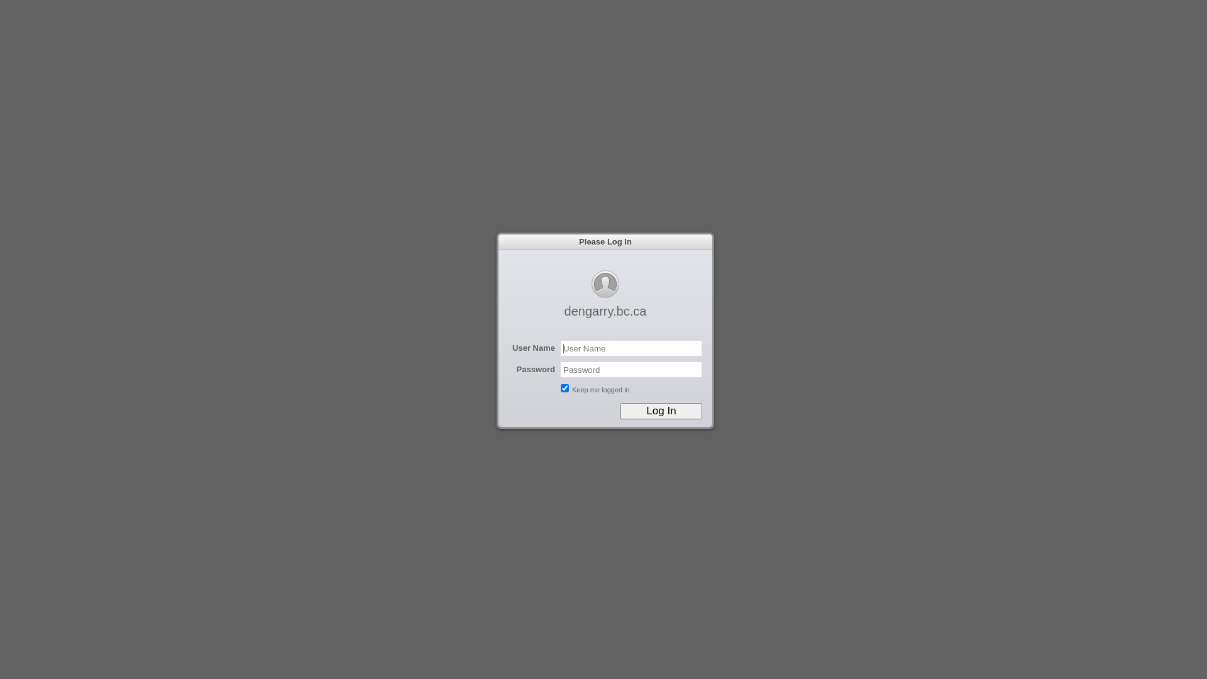  I want to click on 'Log In', so click(660, 411).